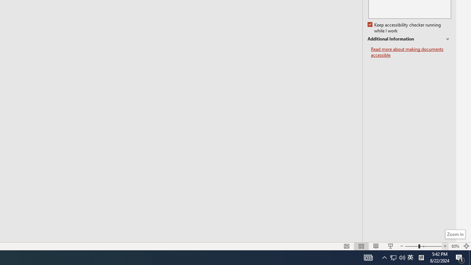 The image size is (471, 265). I want to click on 'Zoom 80%', so click(455, 246).